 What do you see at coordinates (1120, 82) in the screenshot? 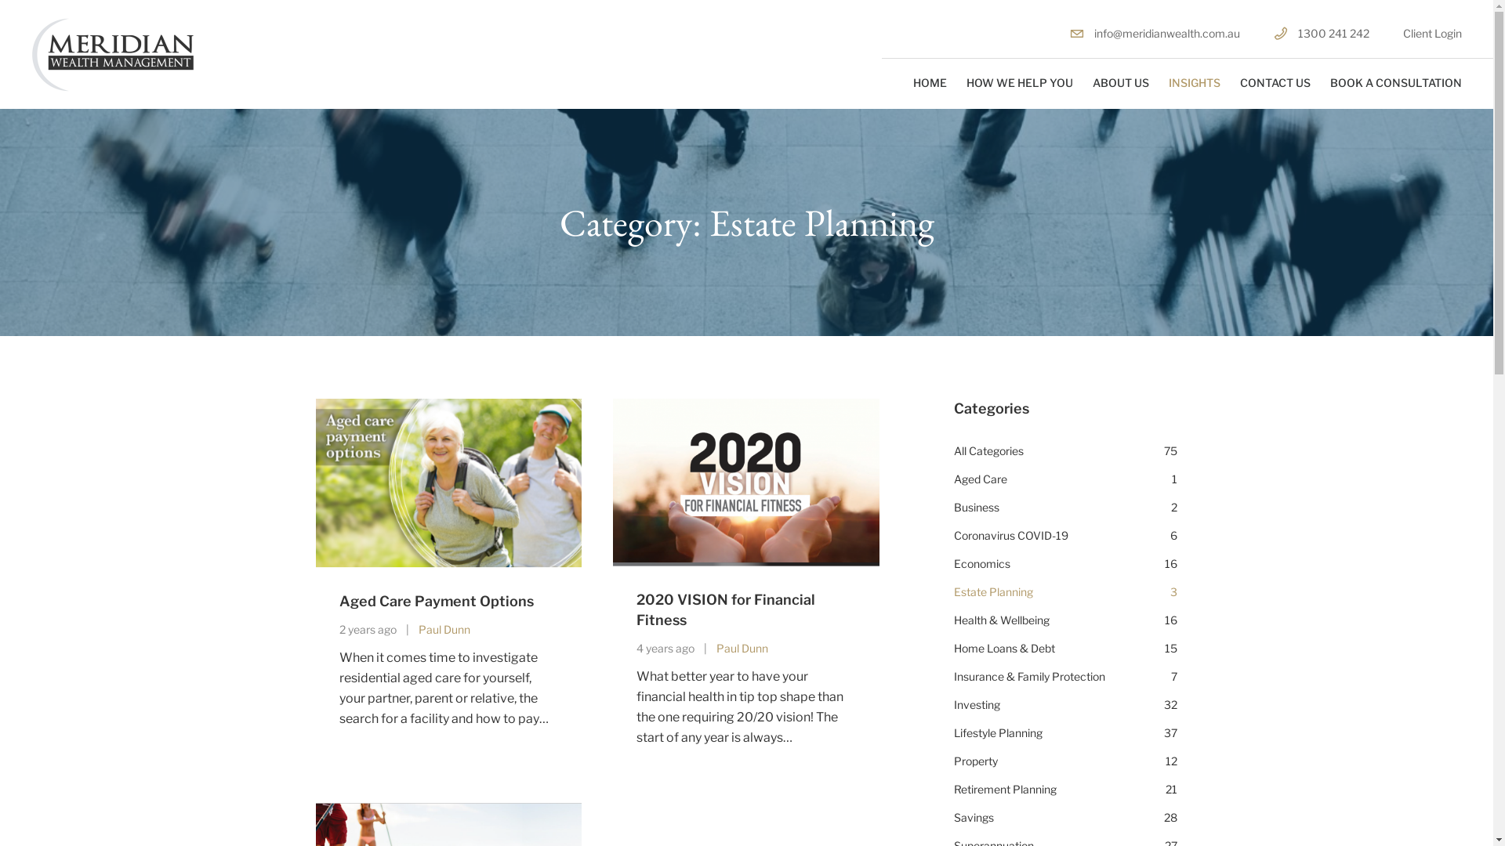
I see `'ABOUT US'` at bounding box center [1120, 82].